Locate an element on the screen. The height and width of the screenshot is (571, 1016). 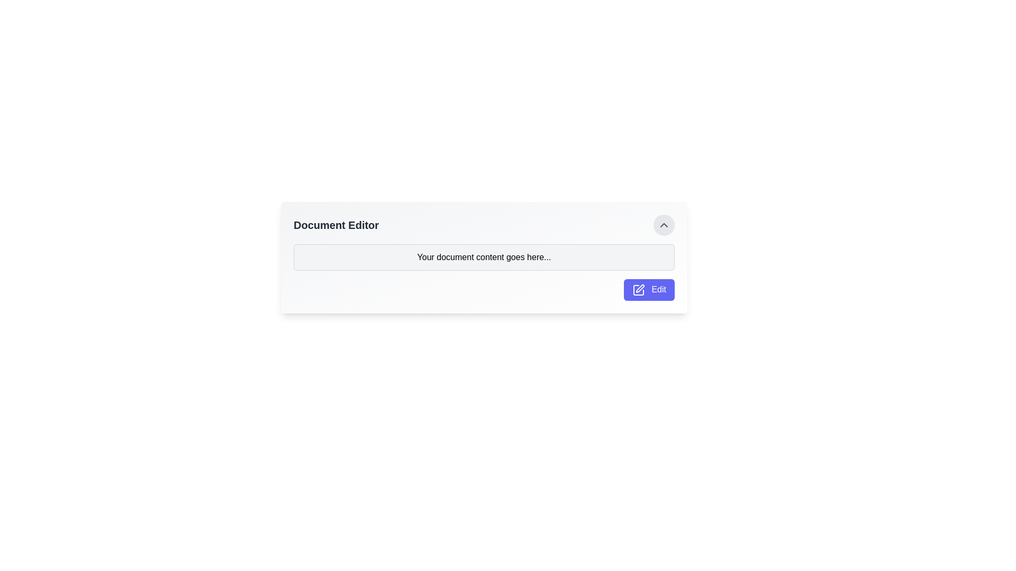
the chevron icon button located inside a circular button with a light gray background in the top-right corner of the document editor UI is located at coordinates (663, 224).